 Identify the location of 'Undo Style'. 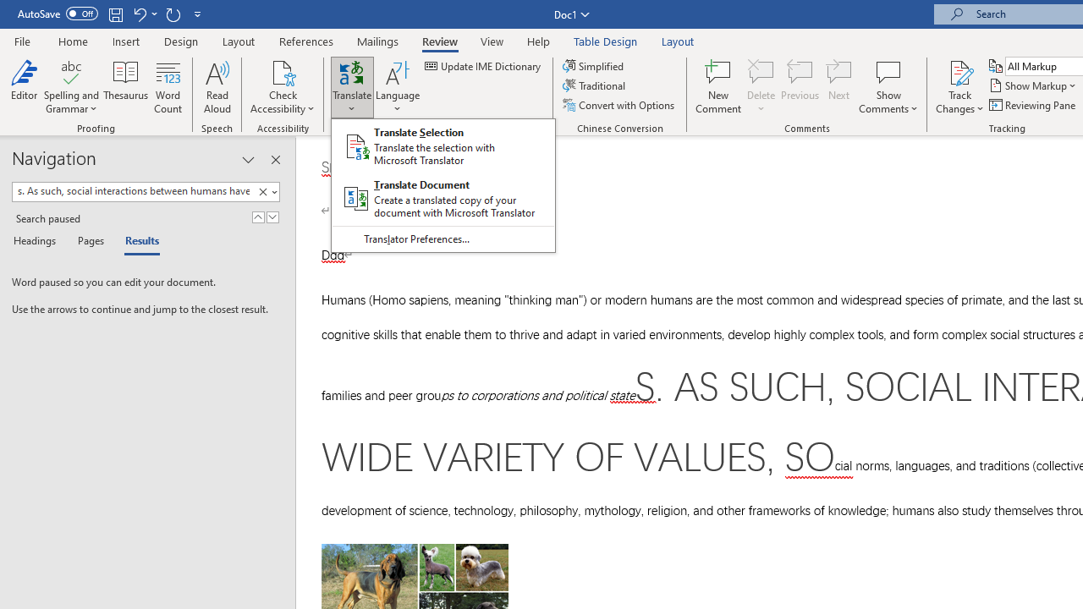
(139, 14).